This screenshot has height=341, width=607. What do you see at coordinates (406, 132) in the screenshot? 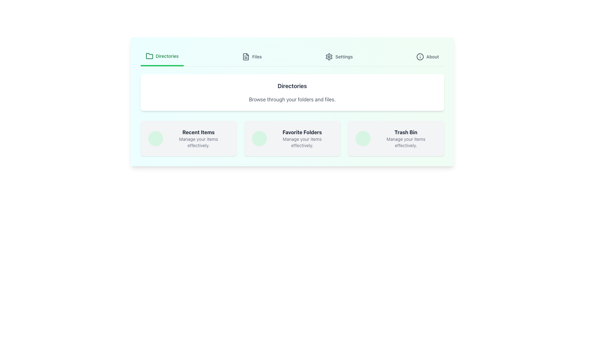
I see `text label displaying 'Trash Bin' in bold and dark gray color, which is the rightmost item in the top-level navigation section` at bounding box center [406, 132].